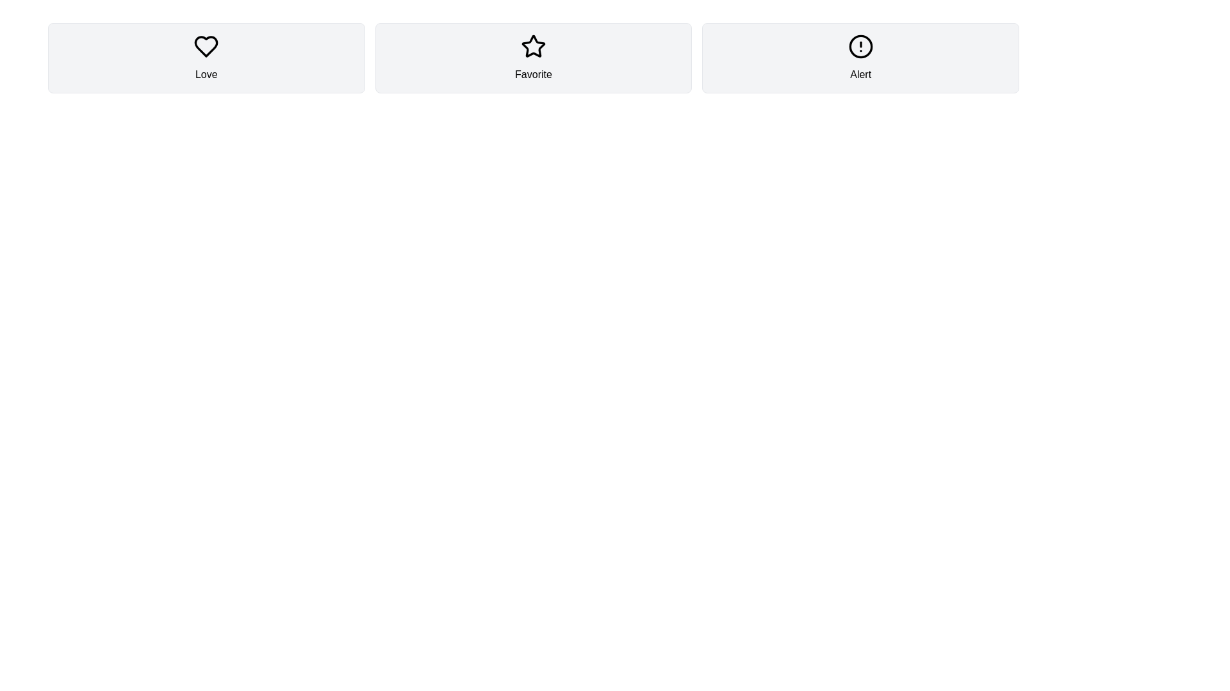 This screenshot has width=1230, height=691. I want to click on the heart-shaped SVG icon, which represents the 'Love' action, so click(206, 46).